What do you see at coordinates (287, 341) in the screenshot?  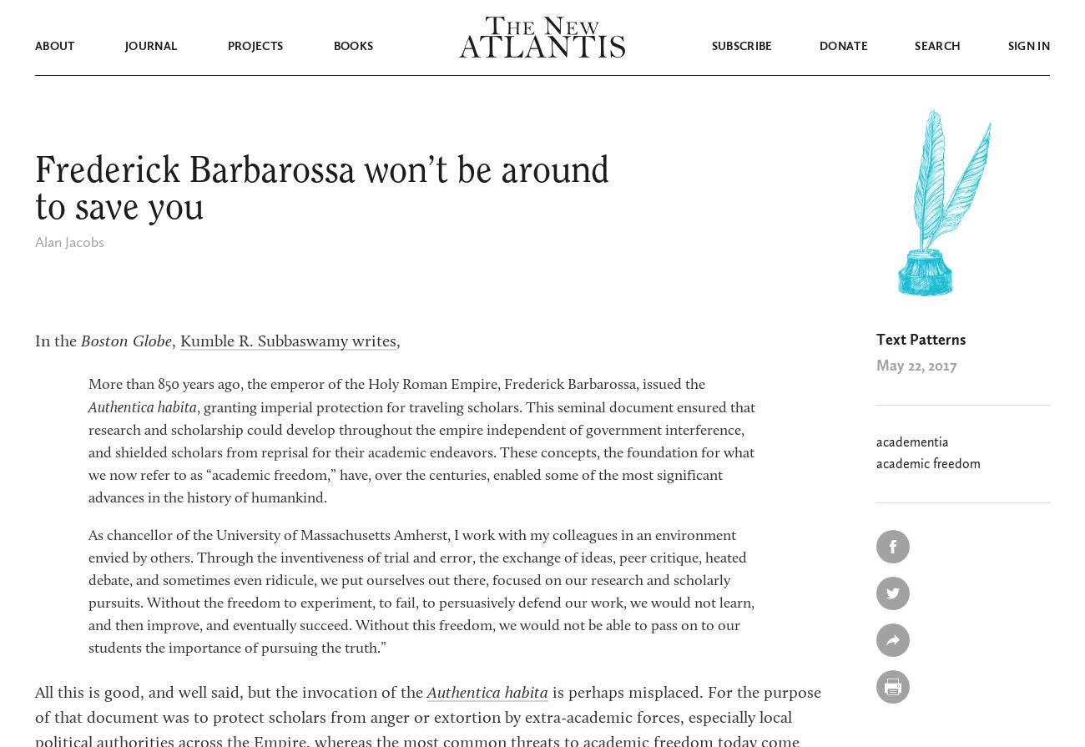 I see `'Kumble R. Subbaswamy writes'` at bounding box center [287, 341].